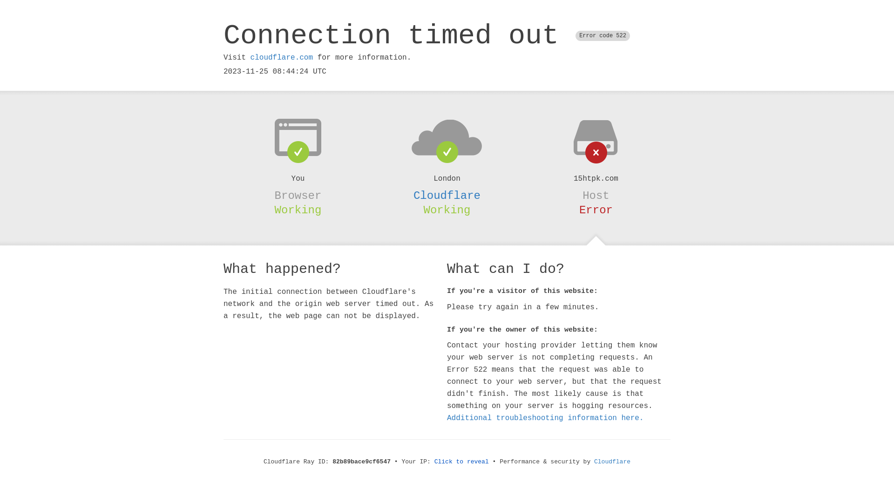 This screenshot has width=894, height=503. What do you see at coordinates (447, 195) in the screenshot?
I see `'Cloudflare'` at bounding box center [447, 195].